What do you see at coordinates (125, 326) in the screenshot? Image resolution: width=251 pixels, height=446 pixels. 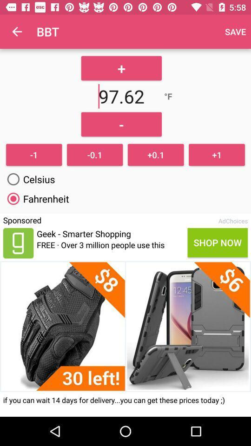 I see `picture advertising products` at bounding box center [125, 326].